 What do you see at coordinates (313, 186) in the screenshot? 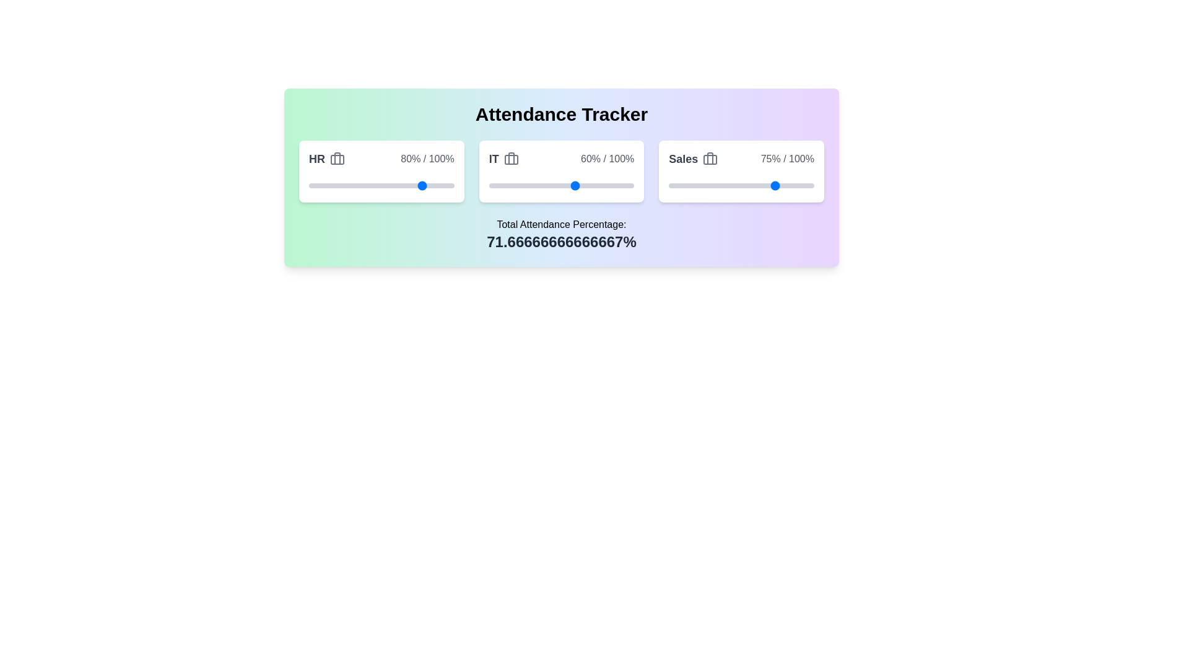
I see `the HR slider` at bounding box center [313, 186].